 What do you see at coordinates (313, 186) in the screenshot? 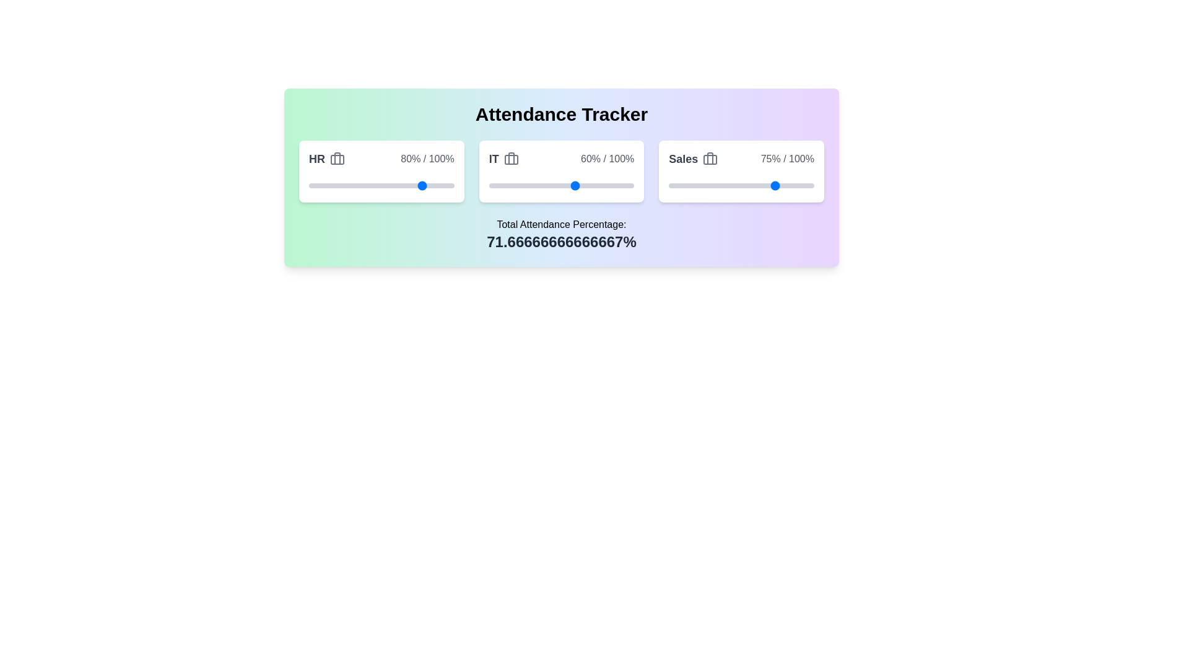
I see `the HR slider` at bounding box center [313, 186].